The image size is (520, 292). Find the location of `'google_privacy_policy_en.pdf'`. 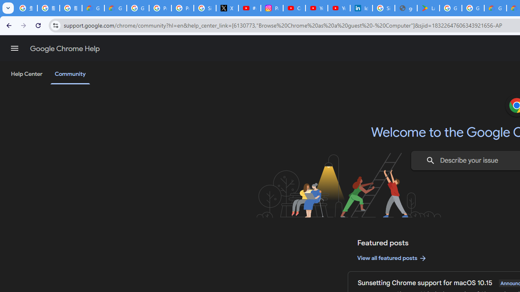

'google_privacy_policy_en.pdf' is located at coordinates (406, 8).